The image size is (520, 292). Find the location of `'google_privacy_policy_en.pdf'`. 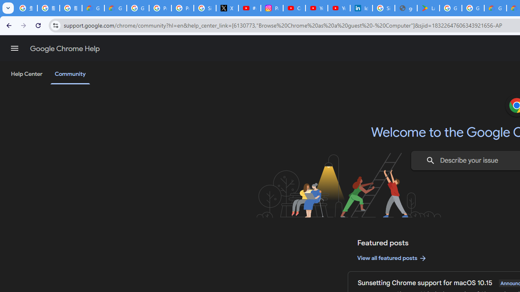

'google_privacy_policy_en.pdf' is located at coordinates (406, 8).